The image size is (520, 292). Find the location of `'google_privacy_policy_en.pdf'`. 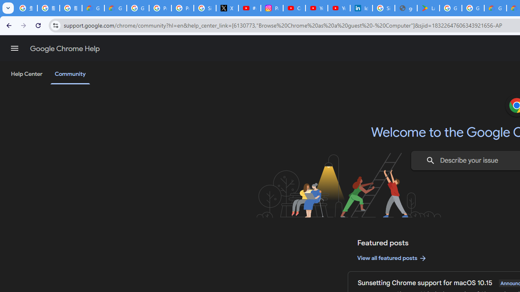

'google_privacy_policy_en.pdf' is located at coordinates (406, 8).